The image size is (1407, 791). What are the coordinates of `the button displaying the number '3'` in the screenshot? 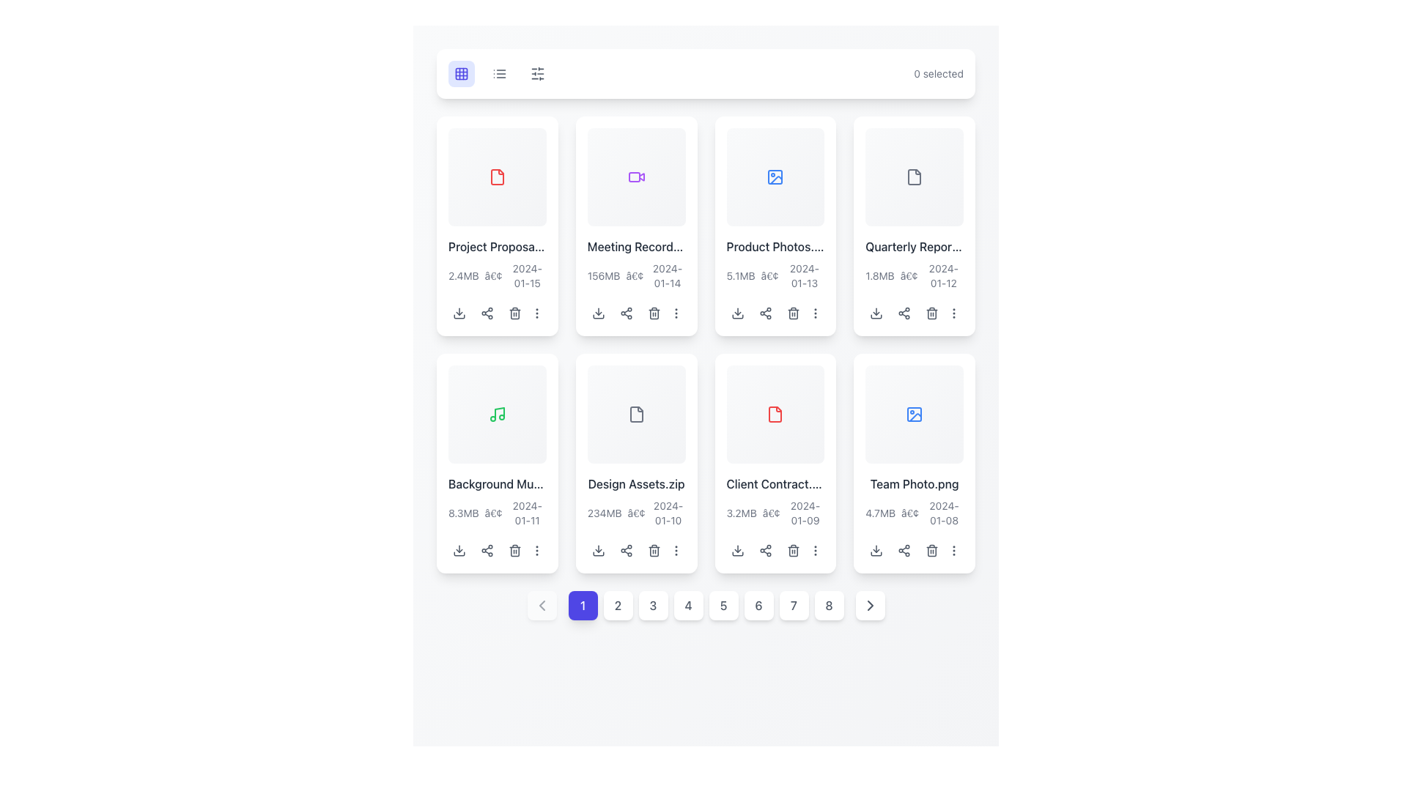 It's located at (652, 605).